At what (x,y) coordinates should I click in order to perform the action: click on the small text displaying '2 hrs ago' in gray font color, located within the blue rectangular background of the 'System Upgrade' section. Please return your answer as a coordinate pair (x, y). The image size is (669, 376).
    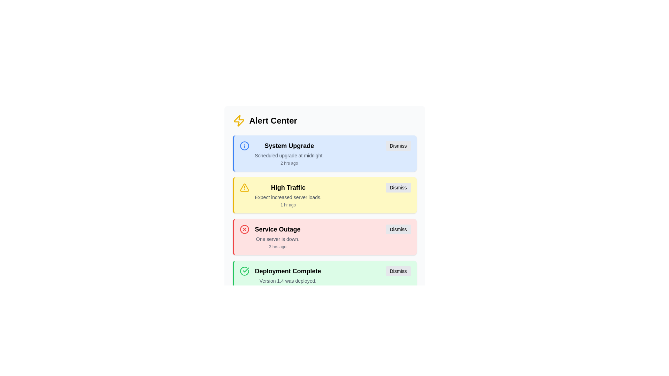
    Looking at the image, I should click on (289, 163).